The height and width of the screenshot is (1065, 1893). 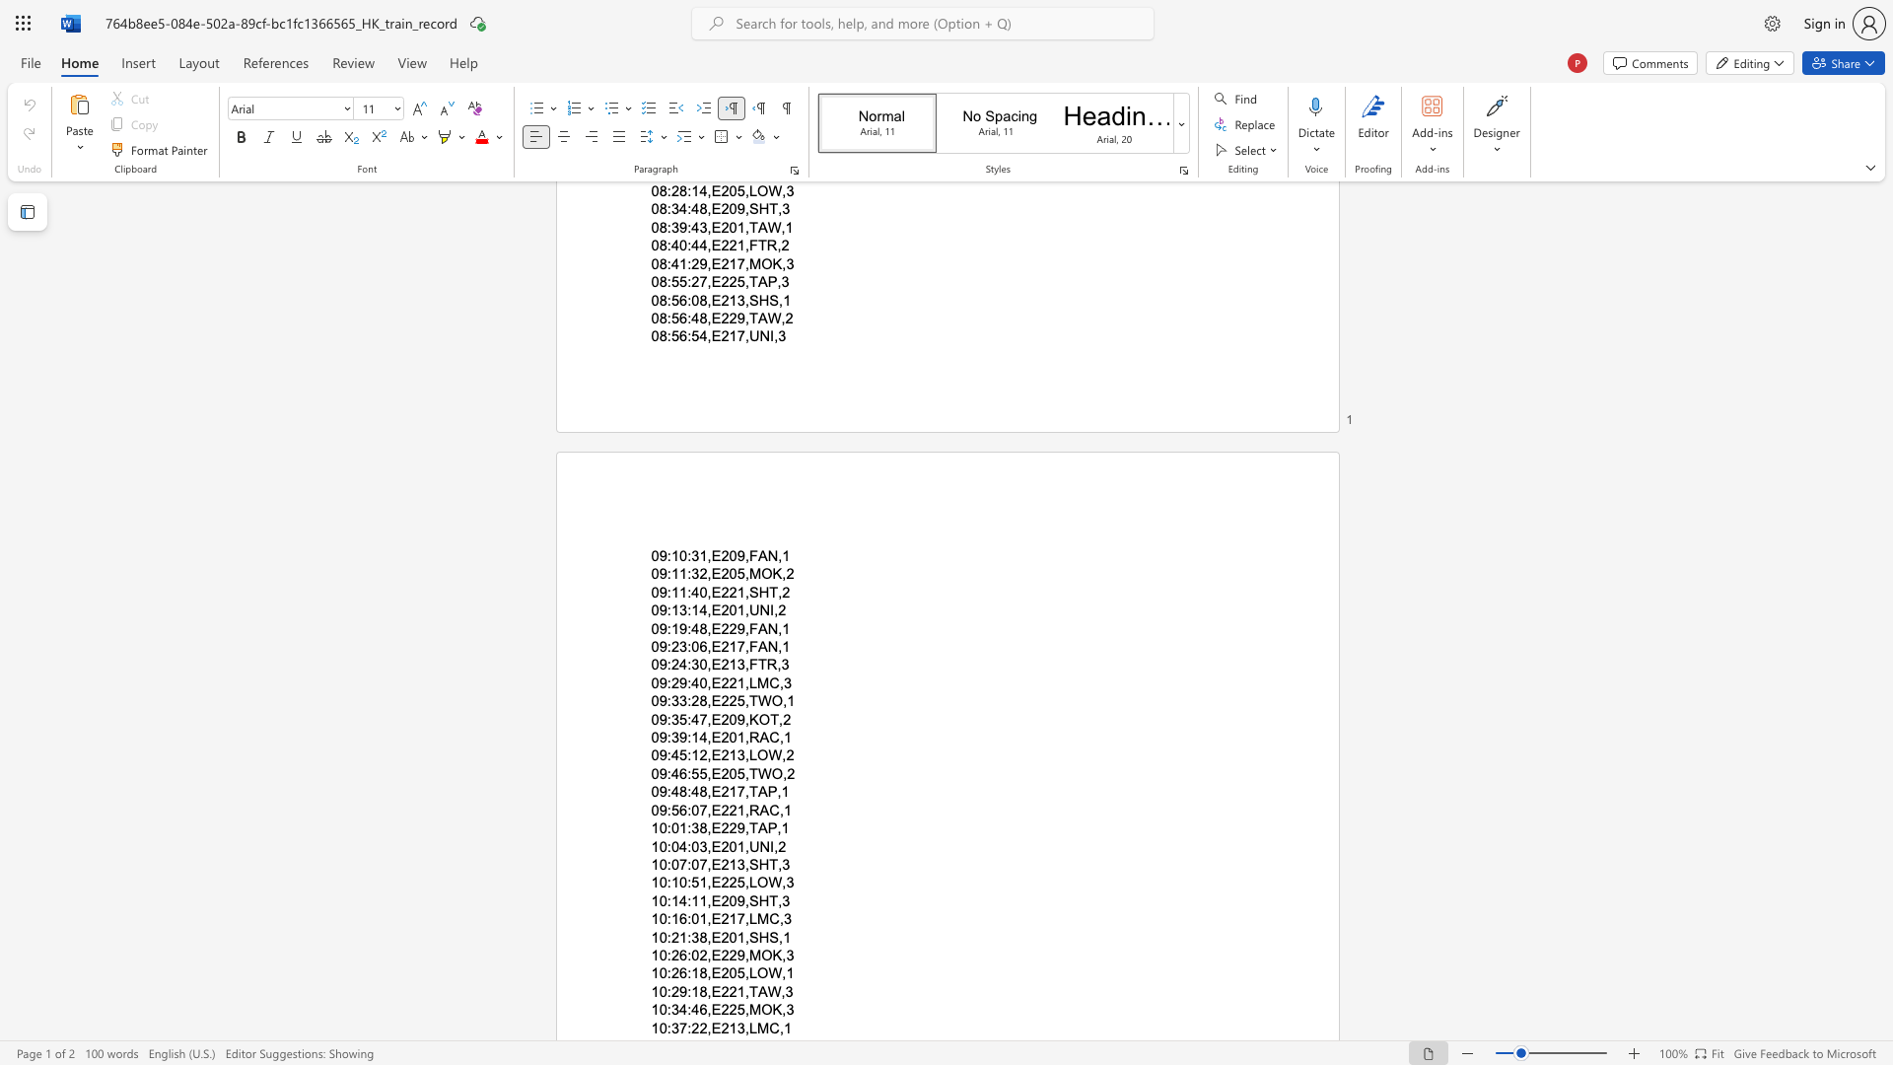 I want to click on the subset text "6:02,E229,M" within the text "10:26:02,E229,MOK,3", so click(x=679, y=954).